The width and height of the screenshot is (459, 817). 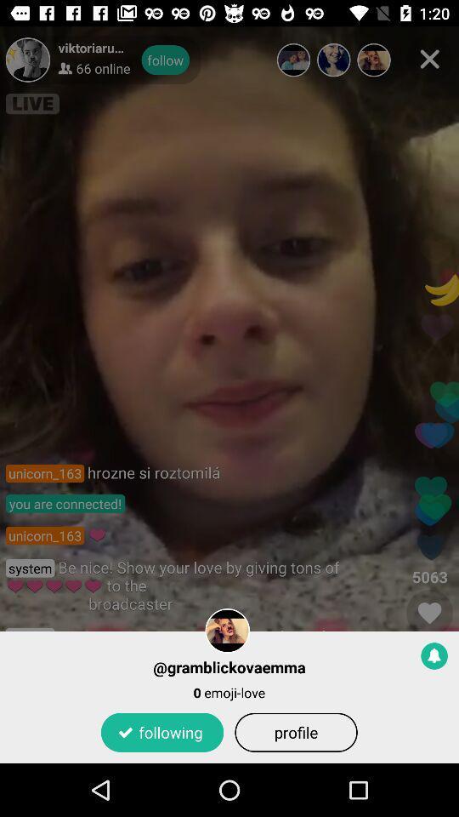 What do you see at coordinates (162, 731) in the screenshot?
I see `following item` at bounding box center [162, 731].